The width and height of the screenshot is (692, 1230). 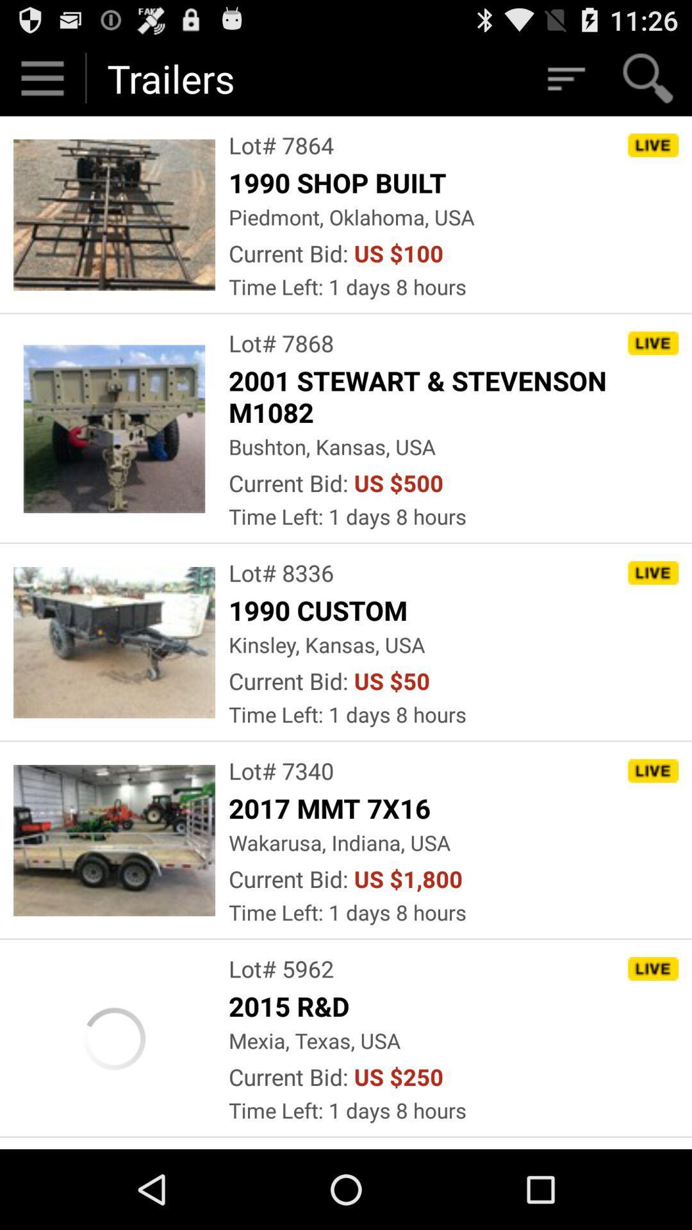 What do you see at coordinates (281, 572) in the screenshot?
I see `the lot# 8336 item` at bounding box center [281, 572].